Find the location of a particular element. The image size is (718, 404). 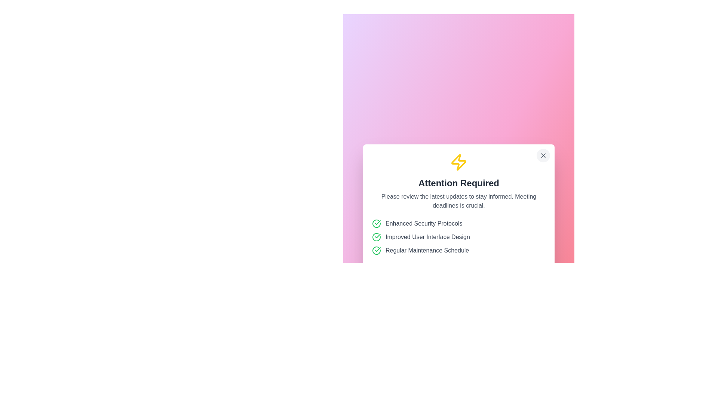

the green circular confirmation icon with a checkmark located next to the text 'Improved User Interface Design' is located at coordinates (377, 237).